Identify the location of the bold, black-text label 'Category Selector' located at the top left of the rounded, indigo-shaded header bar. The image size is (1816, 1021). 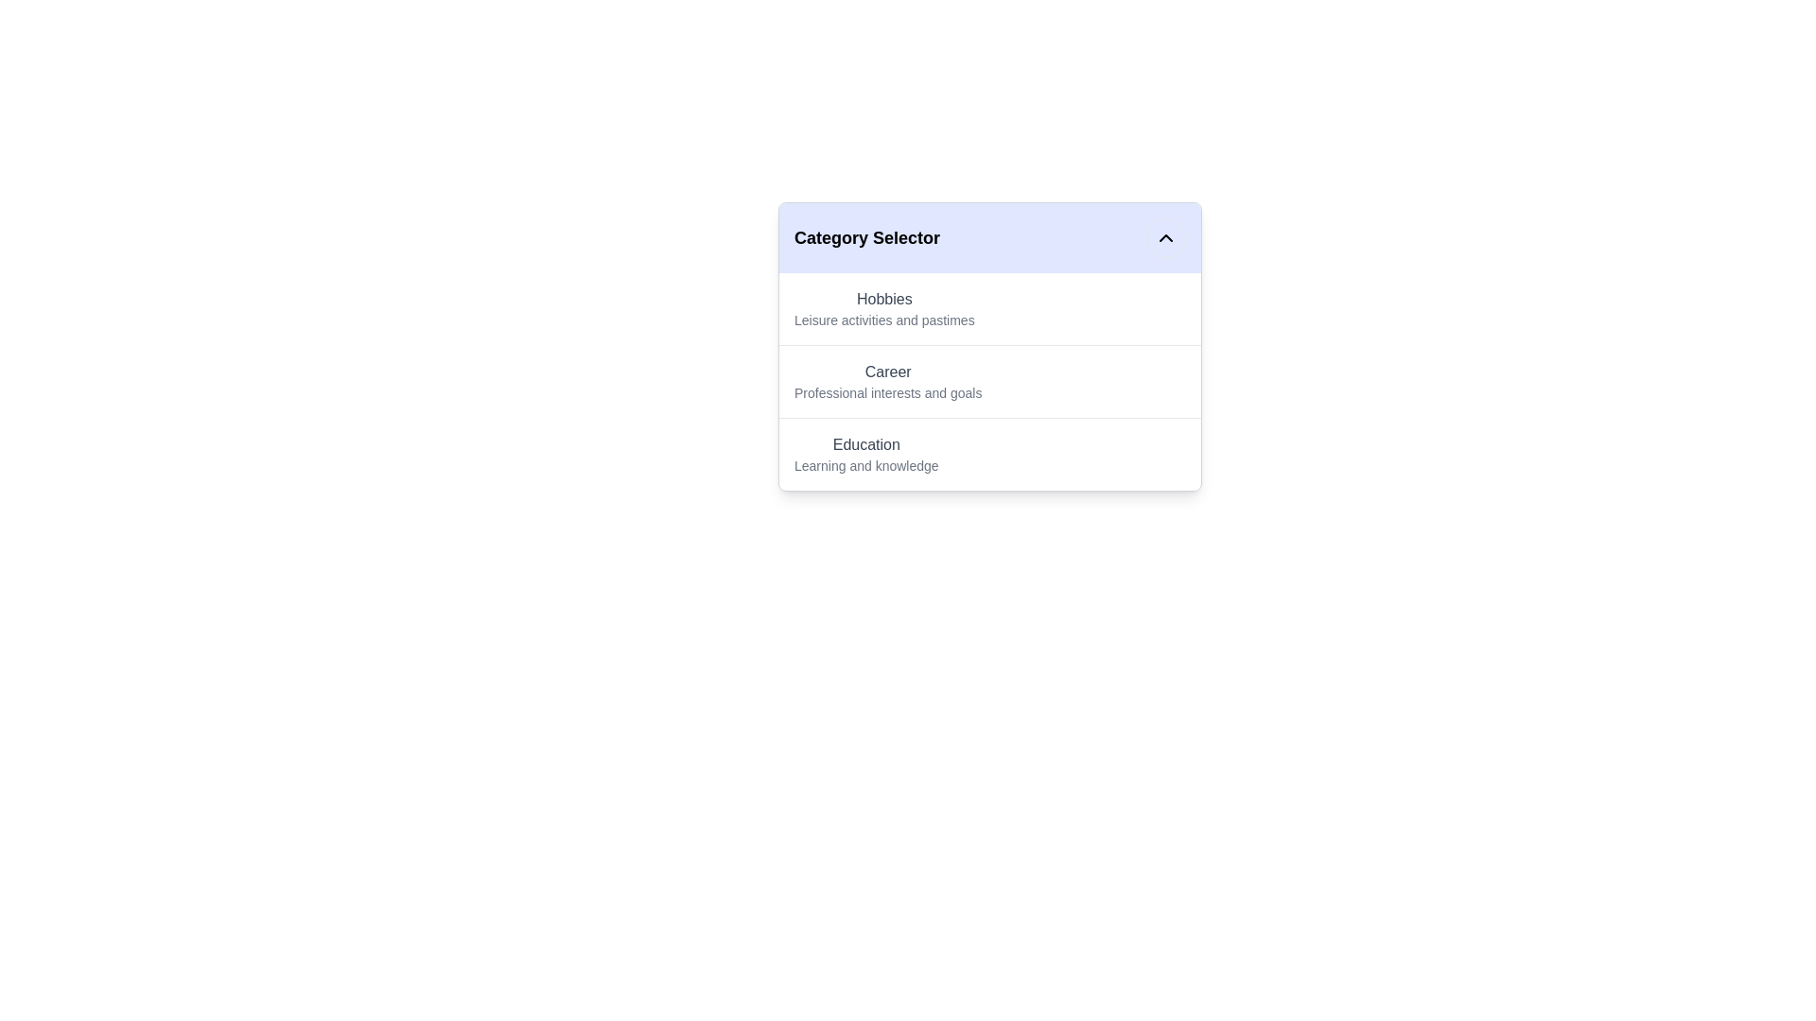
(865, 236).